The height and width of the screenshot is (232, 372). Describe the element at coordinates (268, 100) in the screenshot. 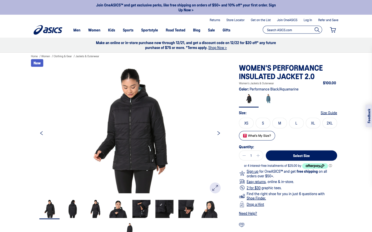

I see `aquamarine tint` at that location.